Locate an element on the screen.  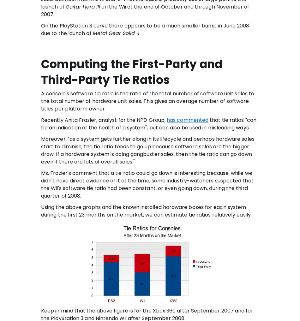
'Metal Gear Solid 4' is located at coordinates (116, 33).